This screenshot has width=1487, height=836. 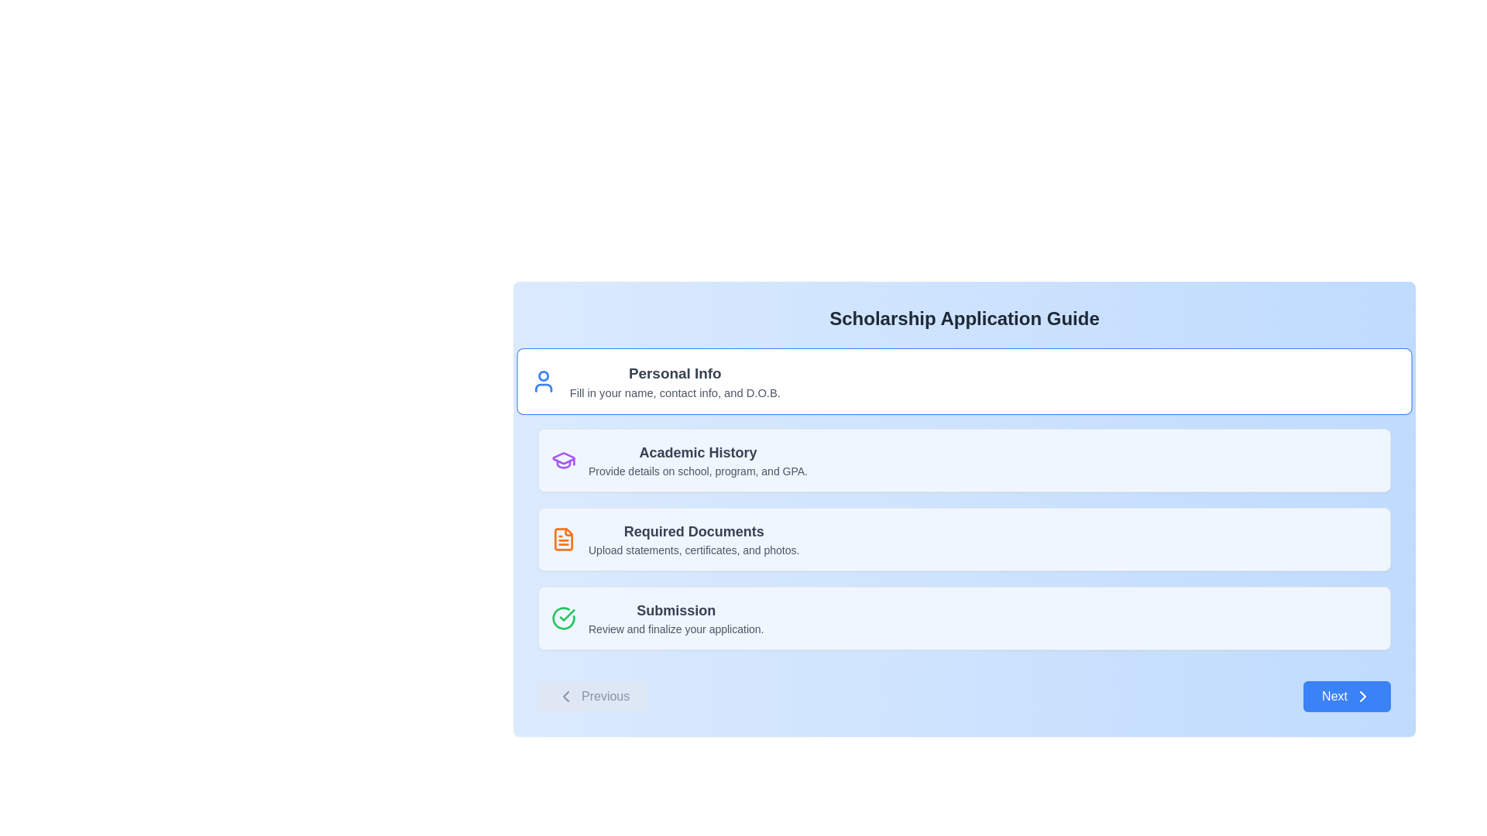 What do you see at coordinates (675, 392) in the screenshot?
I see `the informational text label that provides guidance for the Personal Info section, located below the 'Personal Info' heading` at bounding box center [675, 392].